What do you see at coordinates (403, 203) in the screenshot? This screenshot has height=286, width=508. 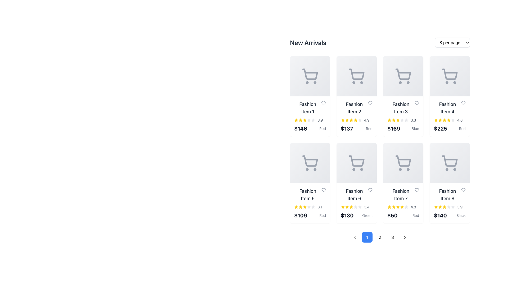 I see `product details of the sixth product listing card located in the second row of the grid layout, positioned under 'Fashion Item 6' and to the left of 'Fashion Item 8'` at bounding box center [403, 203].